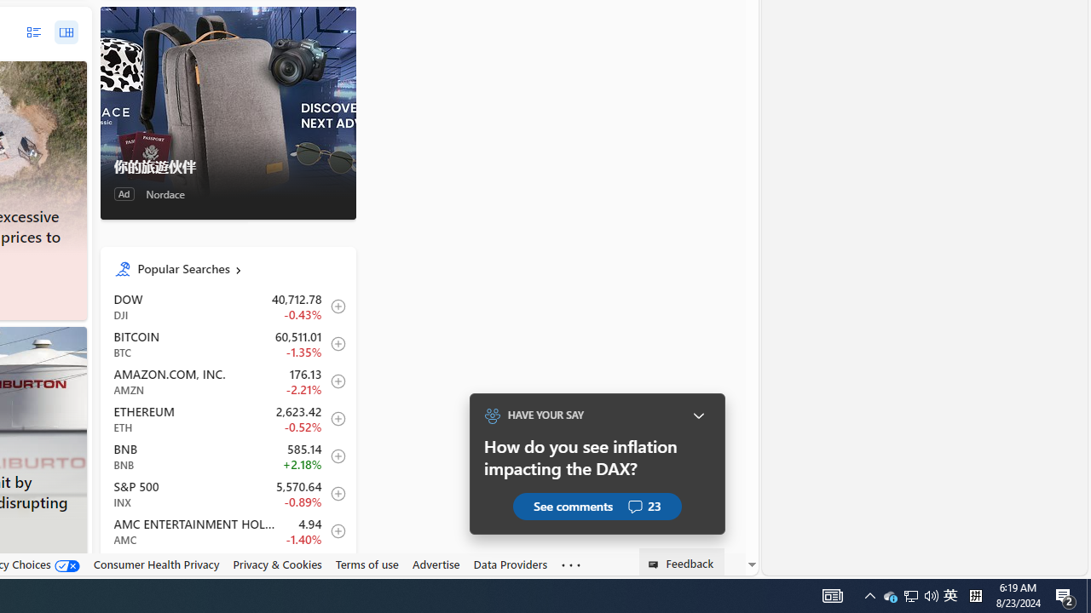  Describe the element at coordinates (227, 493) in the screenshot. I see `'INX S&P 500 decrease 5,570.64 -50.21 -0.89% itemundefined'` at that location.